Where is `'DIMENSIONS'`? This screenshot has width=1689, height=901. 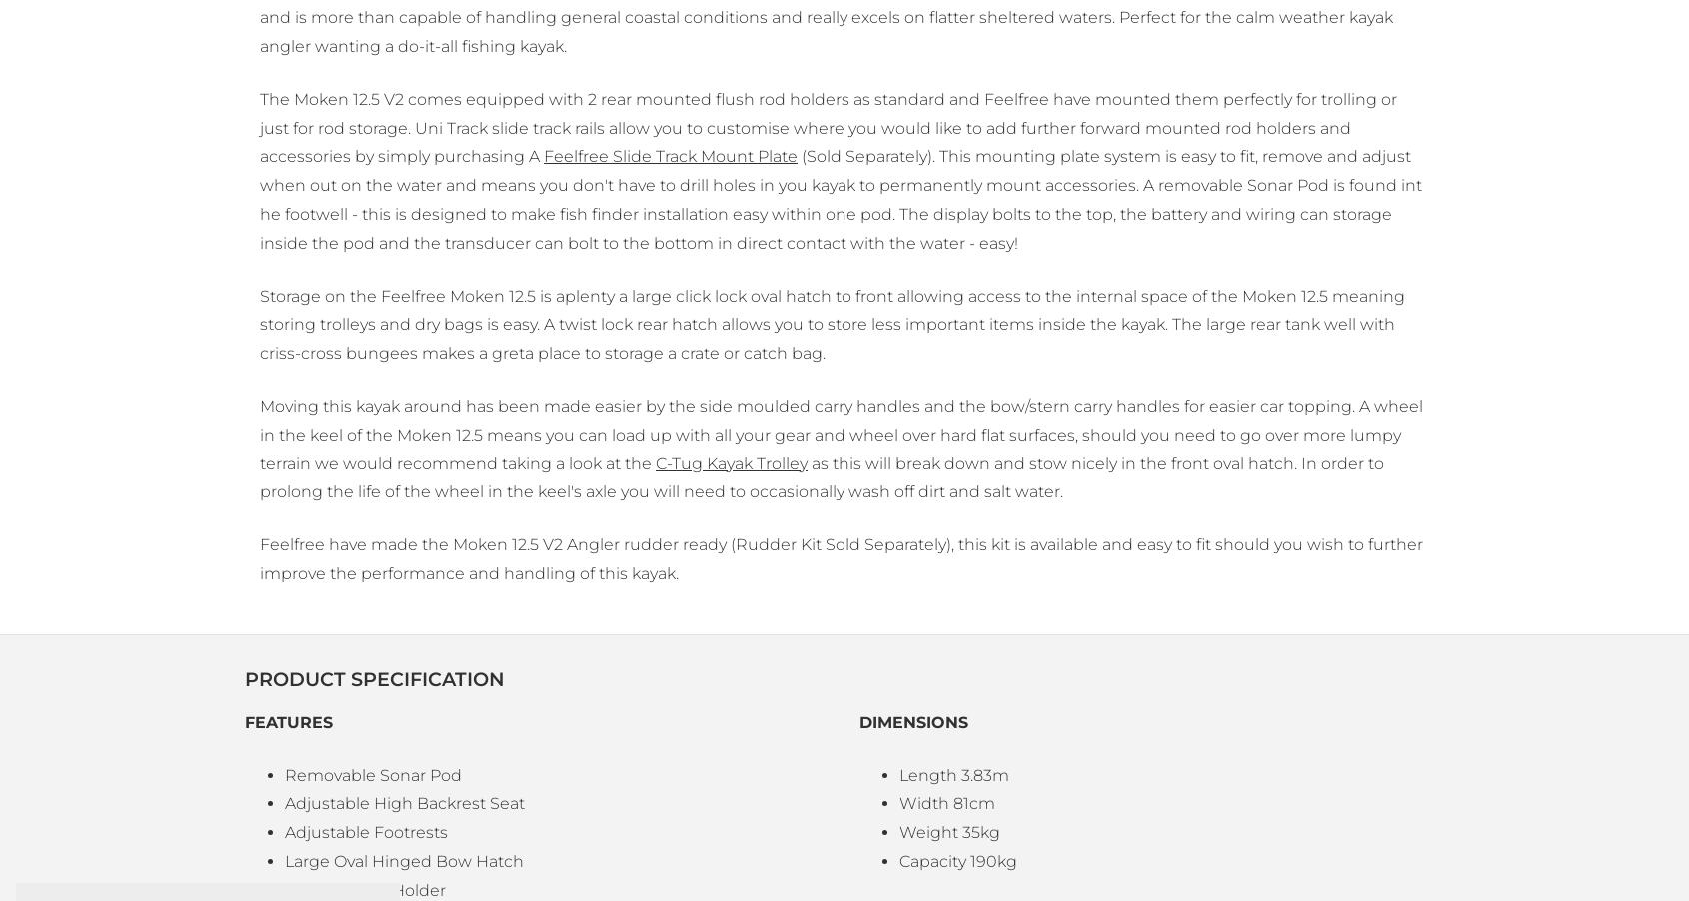 'DIMENSIONS' is located at coordinates (912, 721).